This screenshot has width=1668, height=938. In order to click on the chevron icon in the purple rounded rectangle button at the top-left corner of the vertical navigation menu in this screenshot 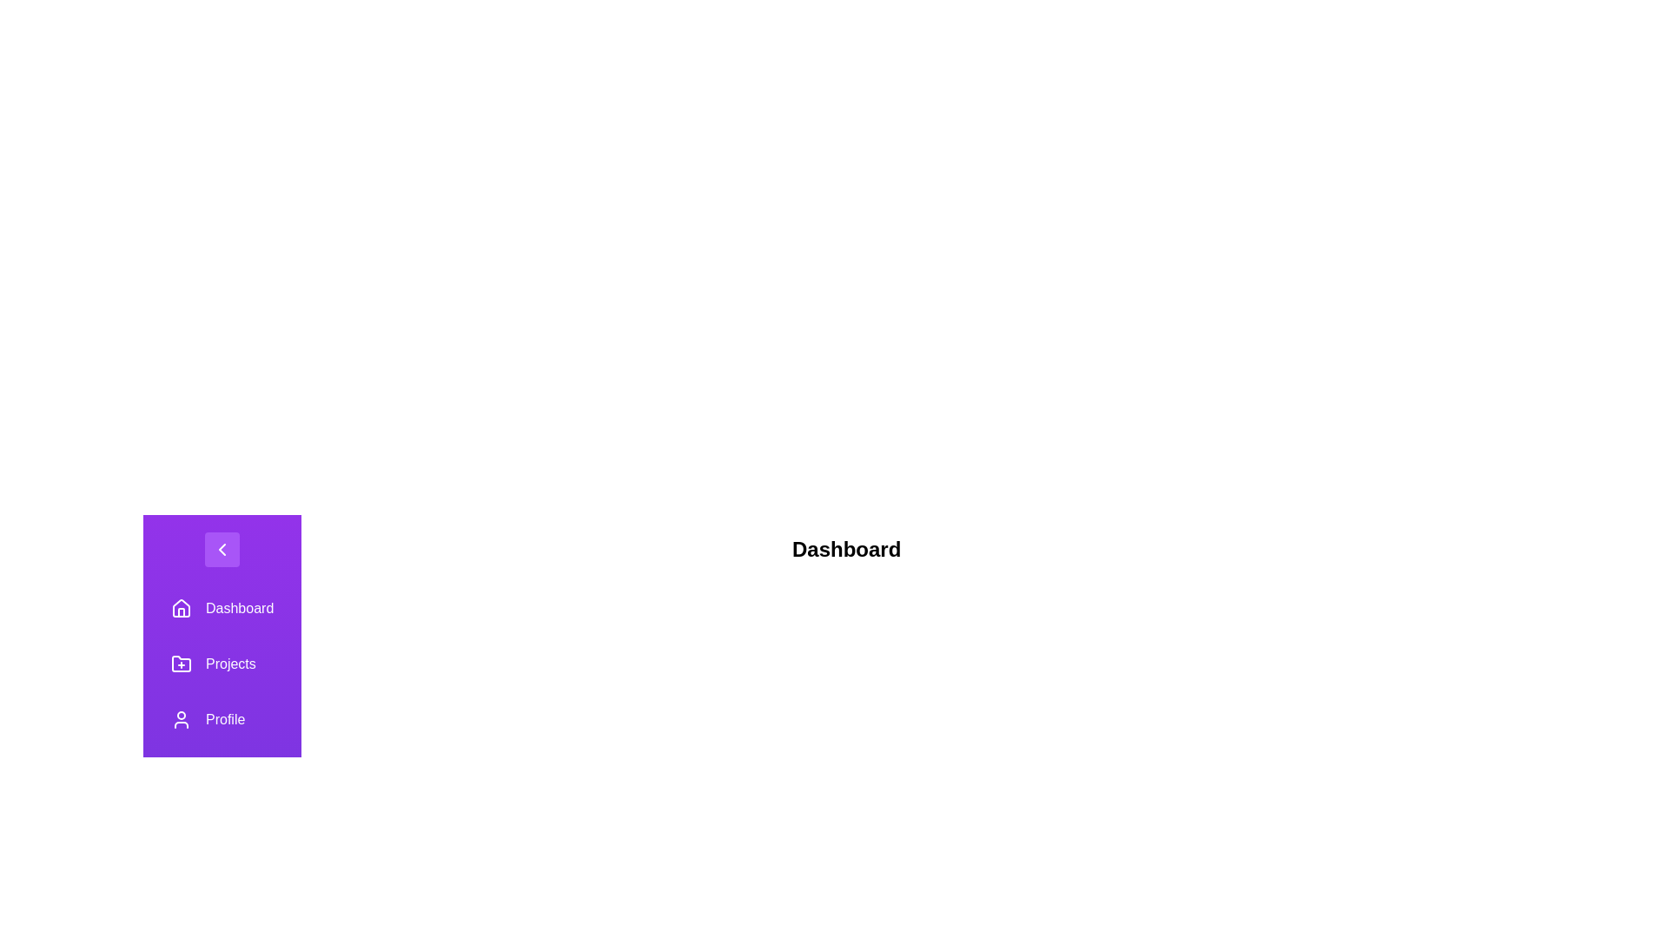, I will do `click(222, 549)`.